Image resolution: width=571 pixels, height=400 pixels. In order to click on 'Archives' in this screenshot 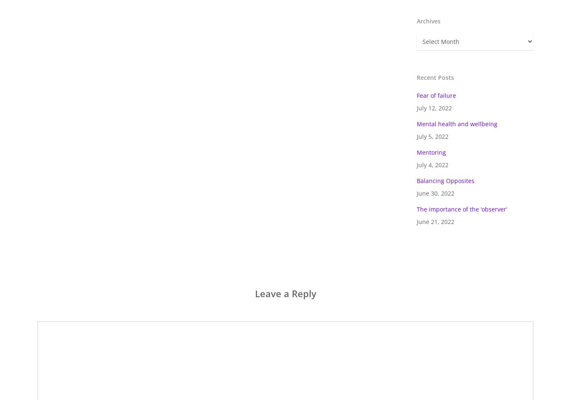, I will do `click(428, 20)`.